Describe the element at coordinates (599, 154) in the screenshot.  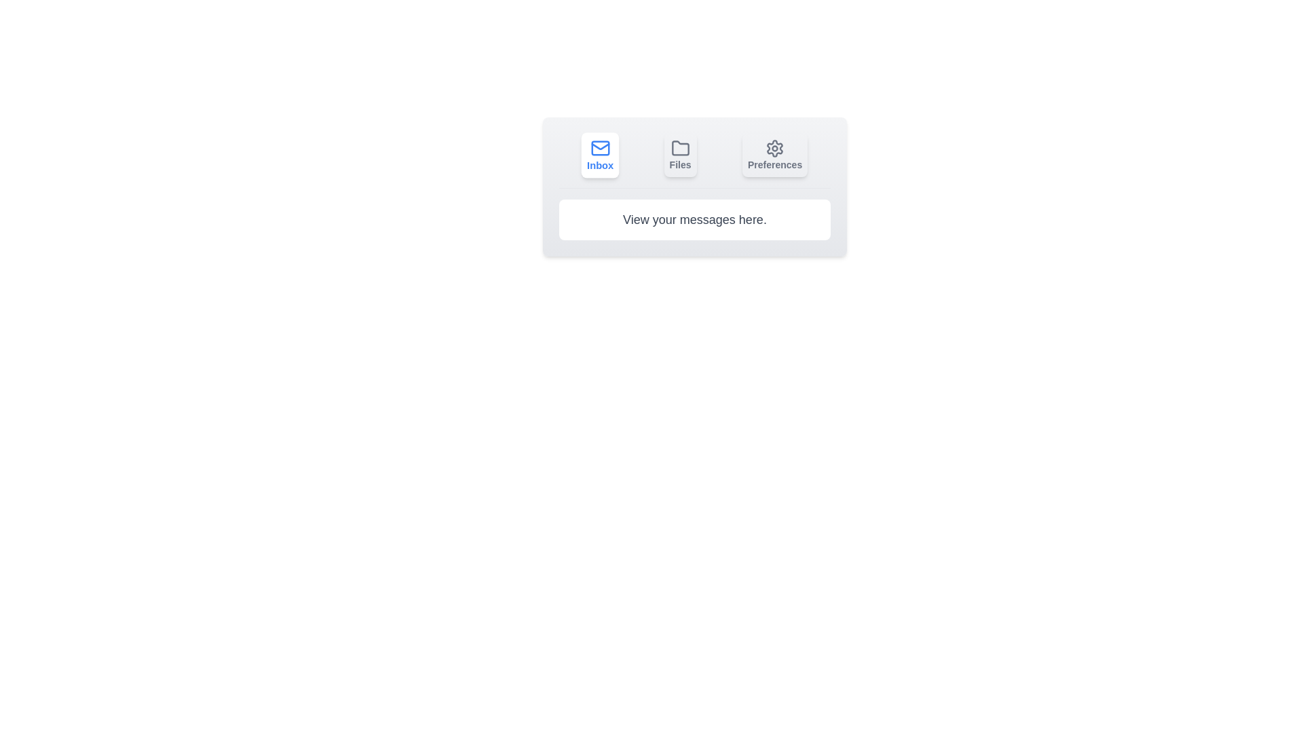
I see `the first button on the left side that allows navigation to the inbox section of the application` at that location.